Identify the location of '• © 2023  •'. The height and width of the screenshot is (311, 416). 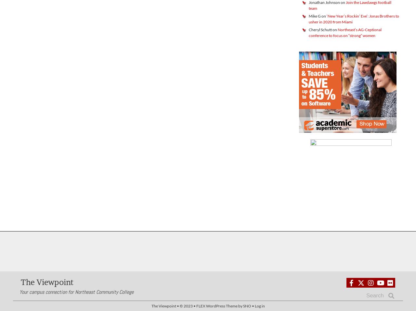
(186, 306).